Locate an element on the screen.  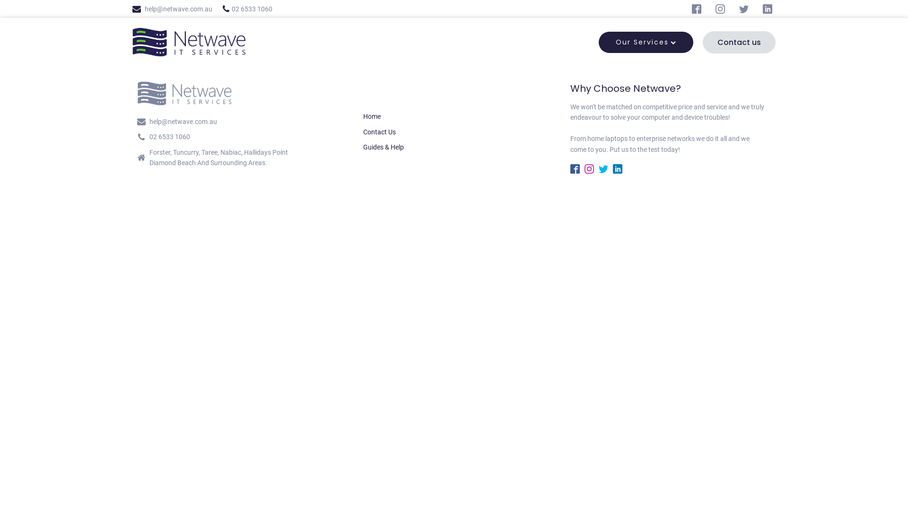
'Contact Us' is located at coordinates (384, 132).